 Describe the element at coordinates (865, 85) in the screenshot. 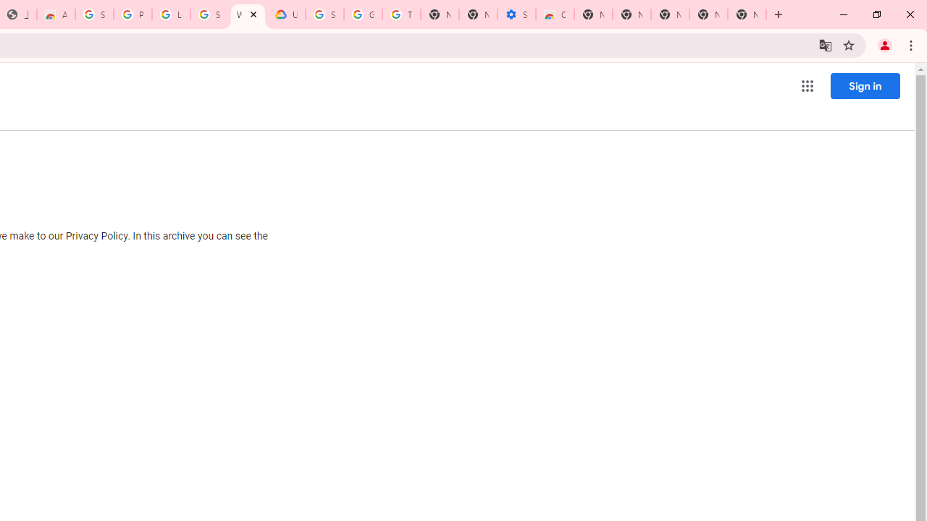

I see `'Sign in'` at that location.